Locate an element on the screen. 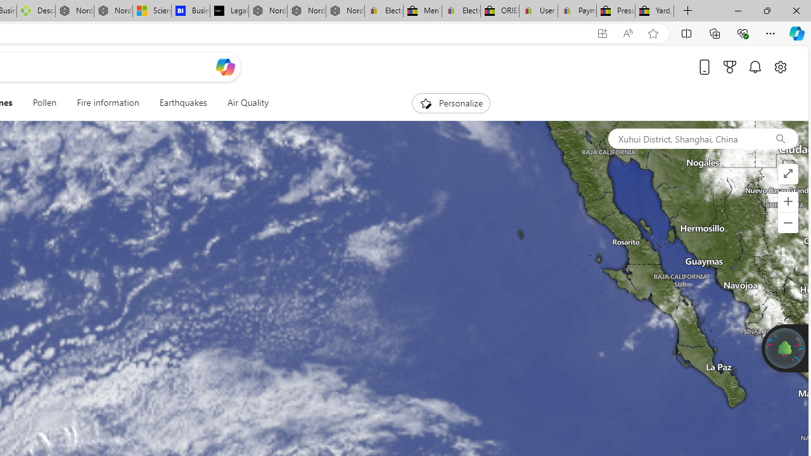 The height and width of the screenshot is (456, 811). 'Pollen' is located at coordinates (44, 103).